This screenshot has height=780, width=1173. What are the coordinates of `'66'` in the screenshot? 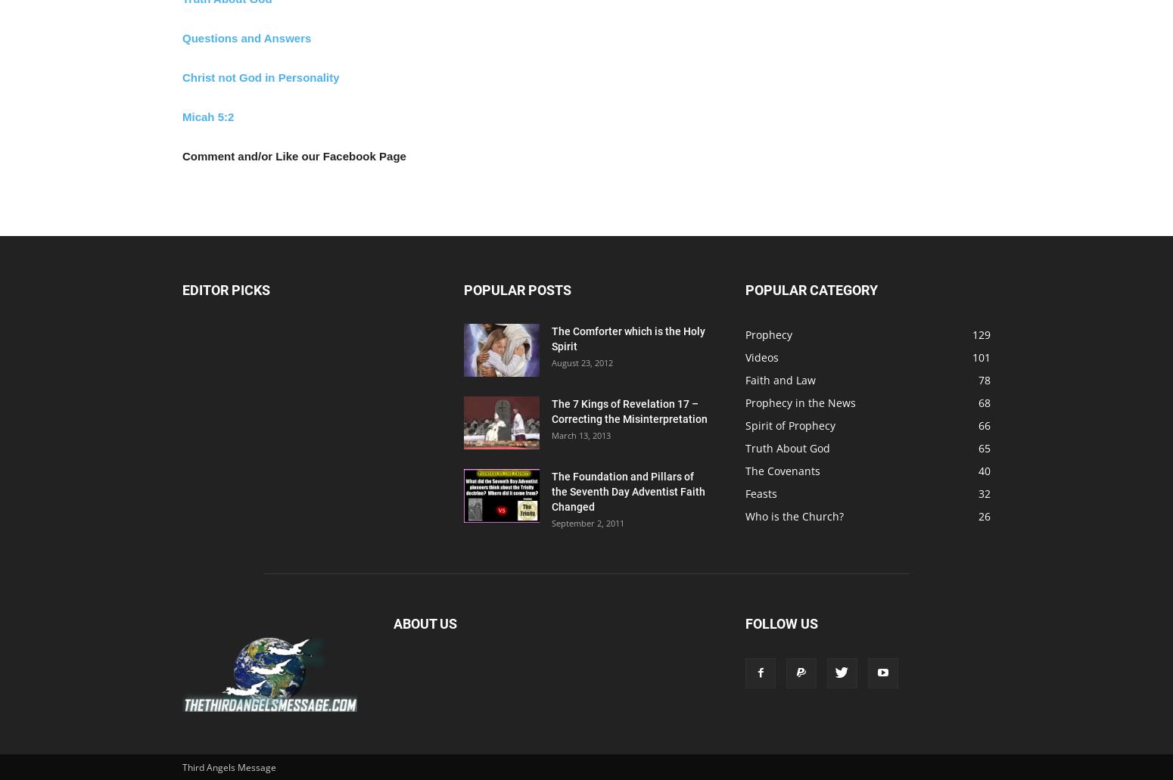 It's located at (984, 424).